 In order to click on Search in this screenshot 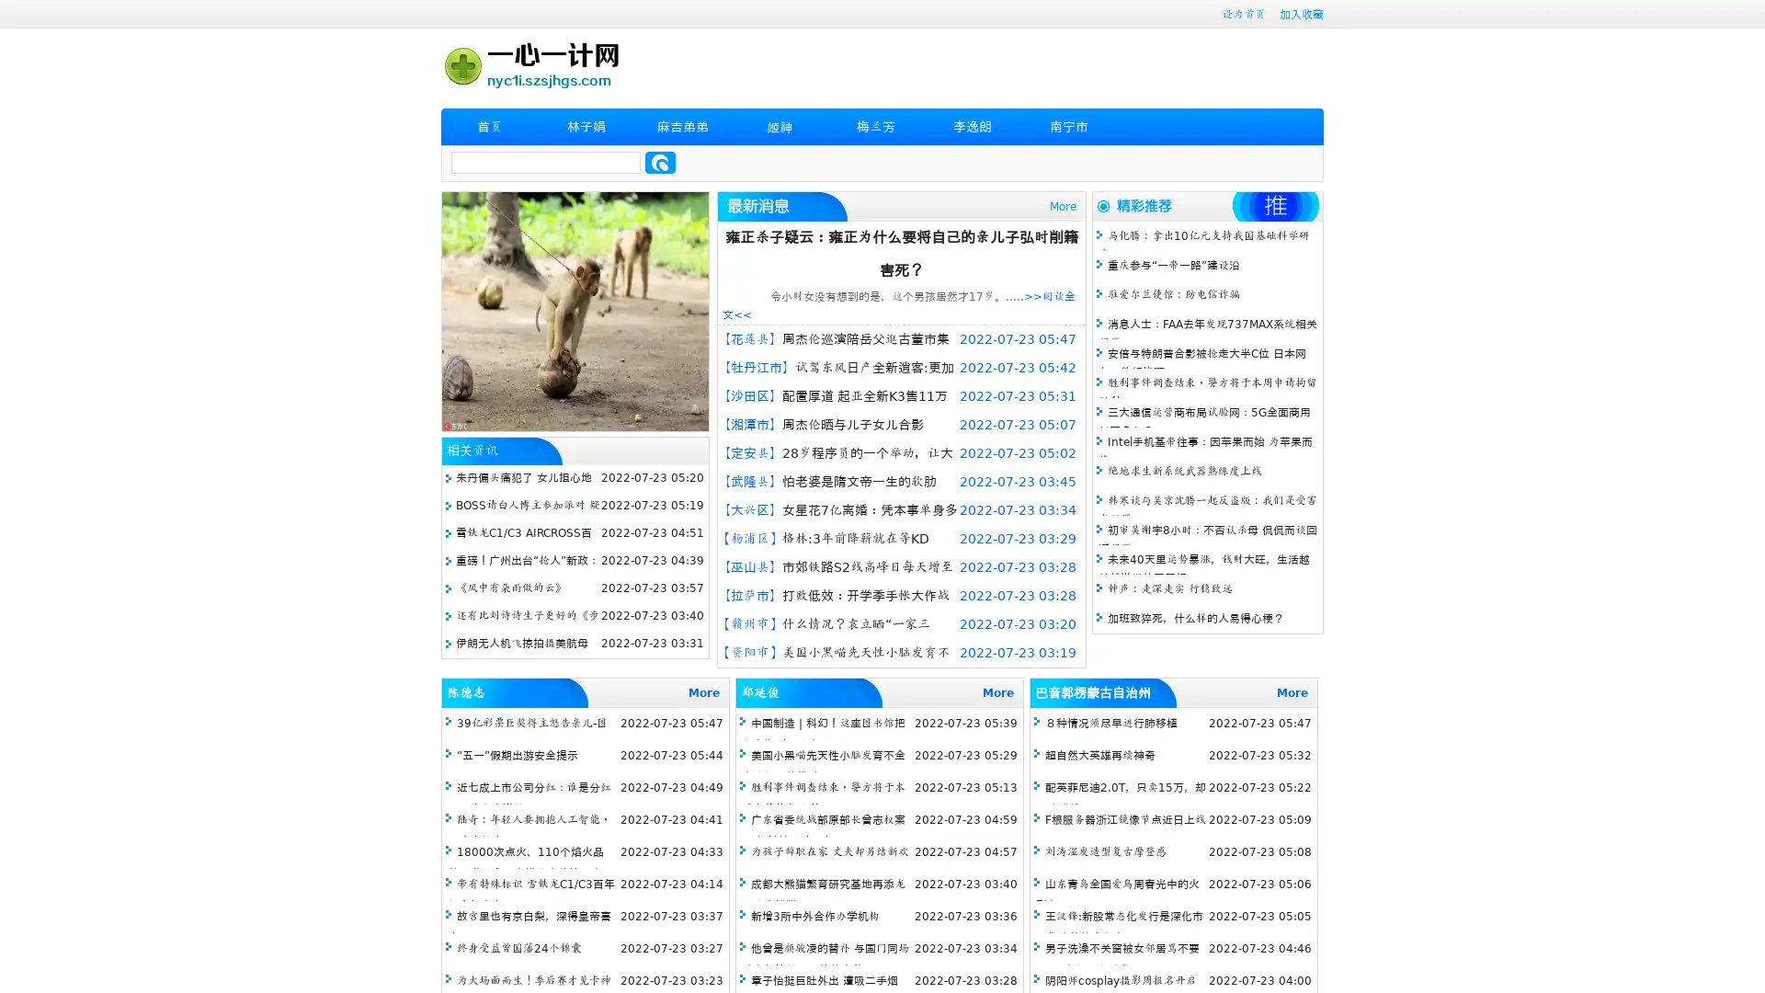, I will do `click(660, 162)`.